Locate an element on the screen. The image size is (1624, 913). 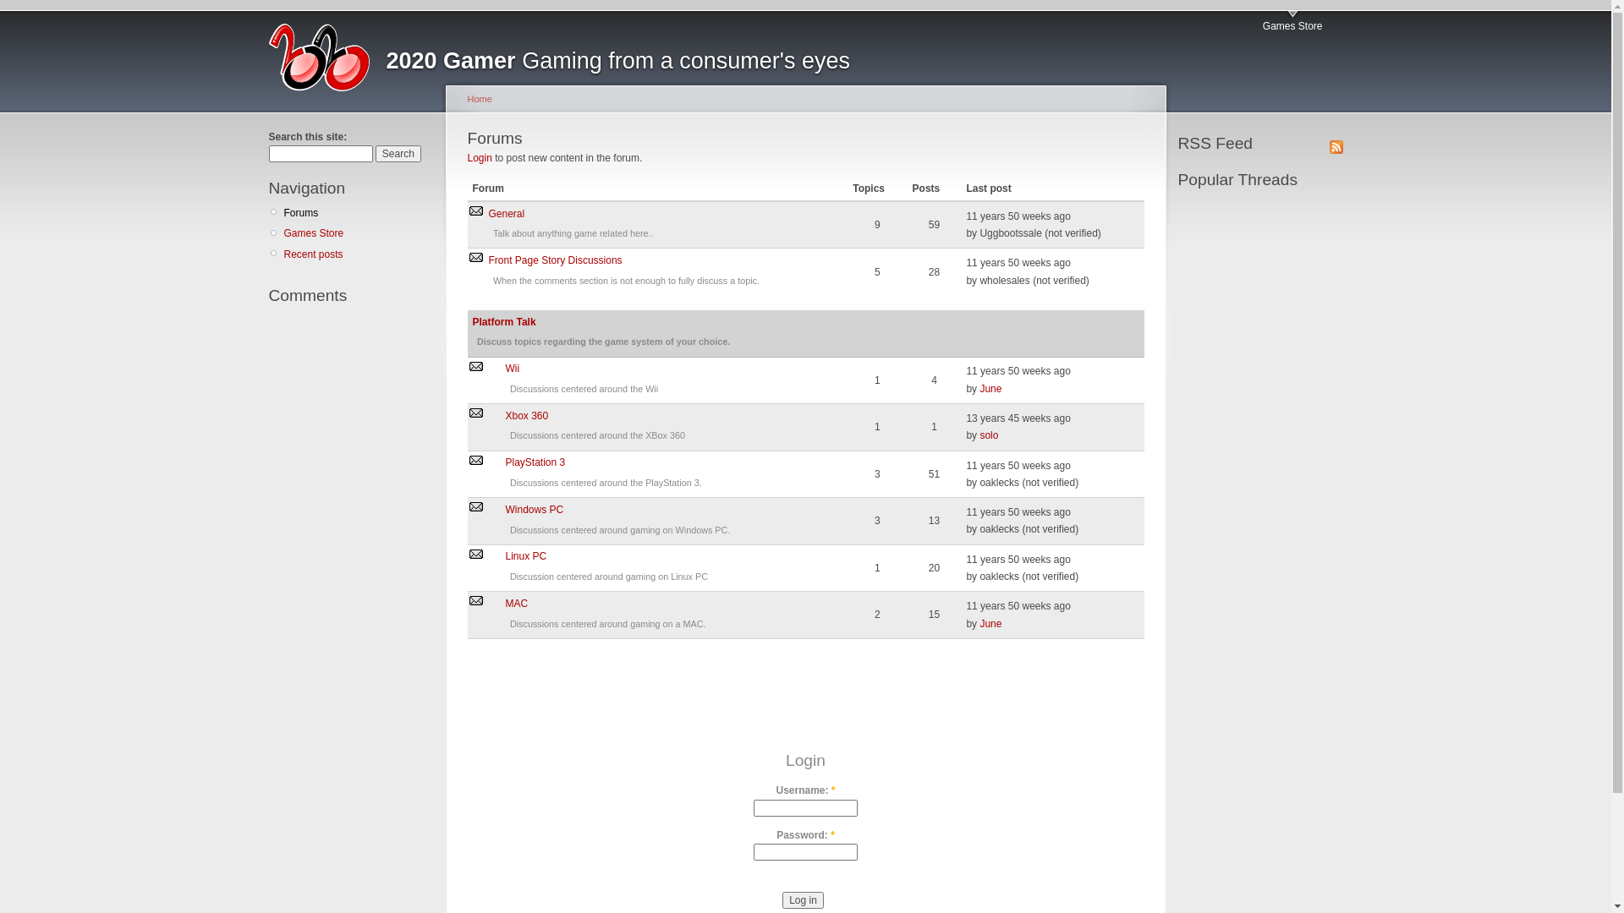
'Log in' is located at coordinates (802, 899).